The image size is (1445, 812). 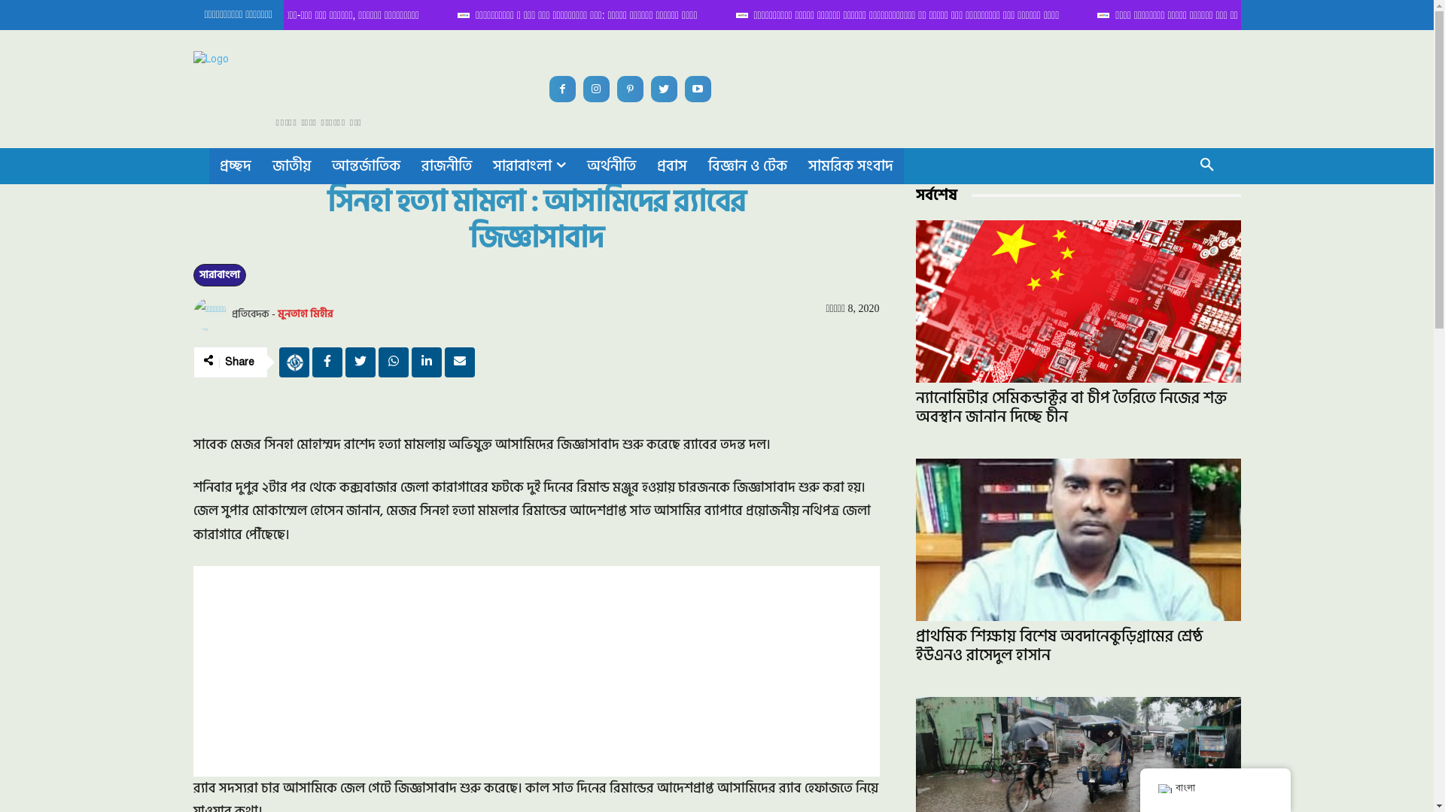 I want to click on 'Facebook', so click(x=561, y=89).